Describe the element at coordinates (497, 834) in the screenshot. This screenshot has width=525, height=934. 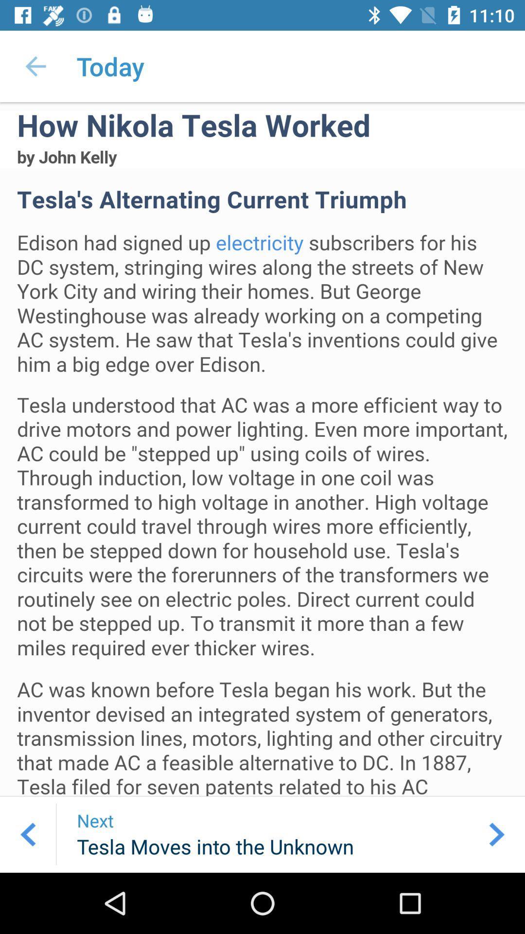
I see `next option` at that location.